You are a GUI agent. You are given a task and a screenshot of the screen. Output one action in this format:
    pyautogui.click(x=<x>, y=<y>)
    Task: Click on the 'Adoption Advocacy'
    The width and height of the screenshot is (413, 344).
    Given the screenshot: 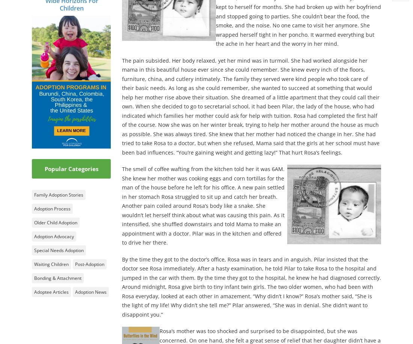 What is the action you would take?
    pyautogui.click(x=34, y=236)
    